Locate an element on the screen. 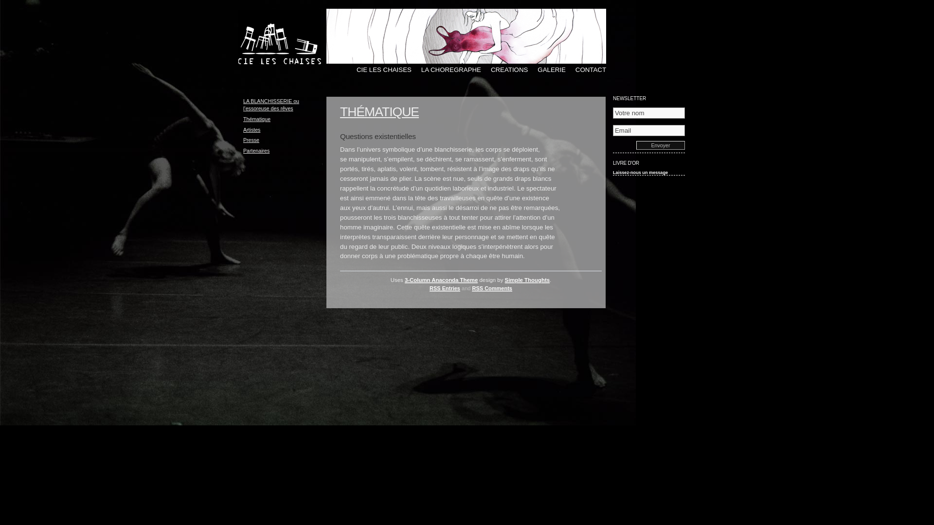  'Partenaires' is located at coordinates (256, 150).